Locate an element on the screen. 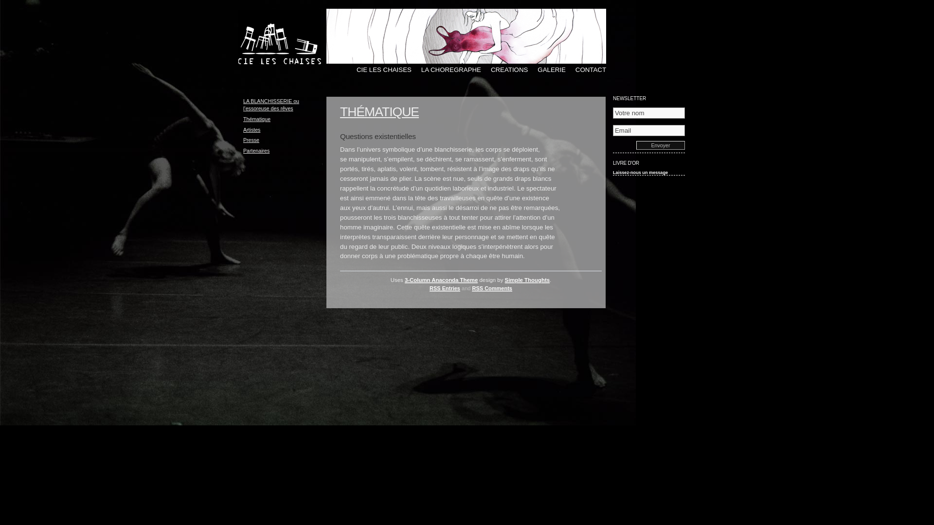  'Partenaires' is located at coordinates (256, 150).